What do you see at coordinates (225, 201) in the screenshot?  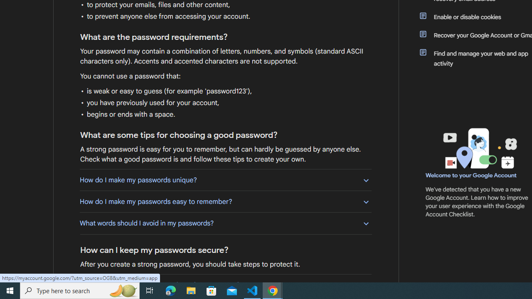 I see `'How do I make my passwords easy to remember?'` at bounding box center [225, 201].